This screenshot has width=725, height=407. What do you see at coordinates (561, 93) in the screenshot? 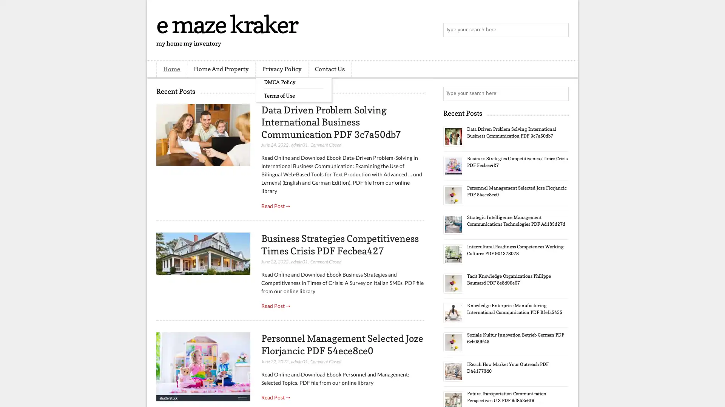
I see `Search` at bounding box center [561, 93].